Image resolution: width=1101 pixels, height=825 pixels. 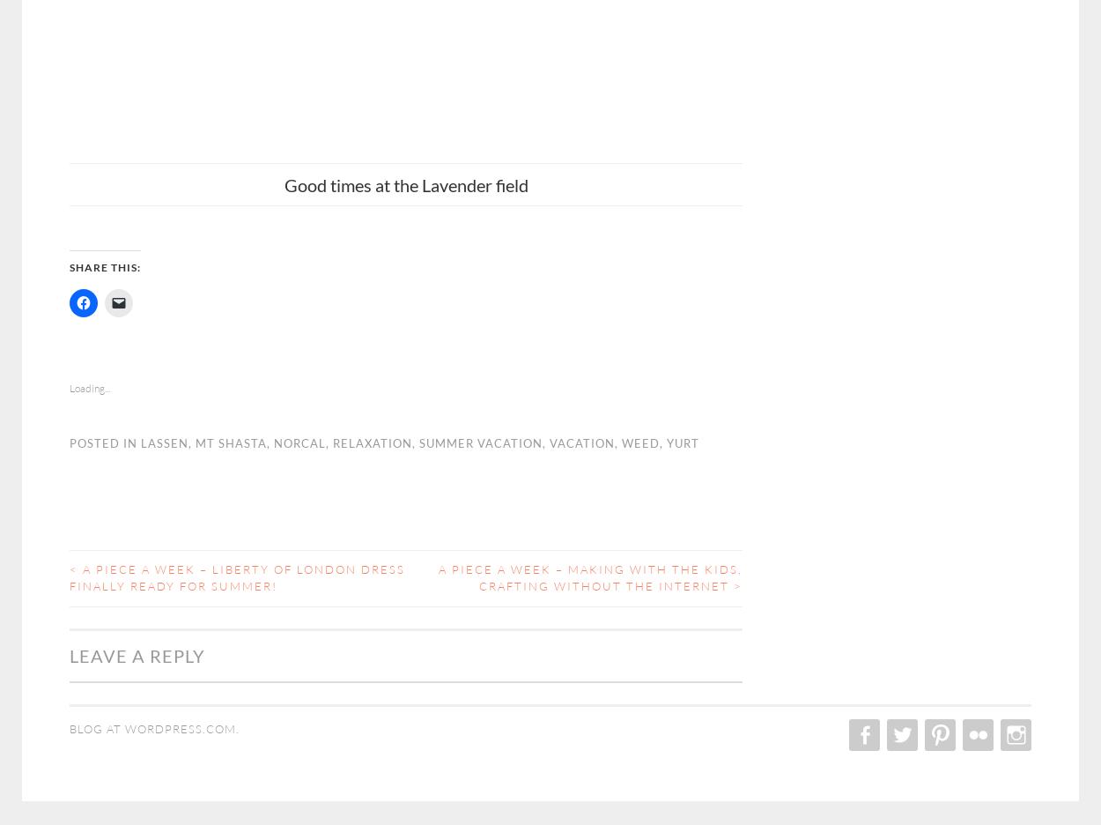 What do you see at coordinates (141, 441) in the screenshot?
I see `'Lassen'` at bounding box center [141, 441].